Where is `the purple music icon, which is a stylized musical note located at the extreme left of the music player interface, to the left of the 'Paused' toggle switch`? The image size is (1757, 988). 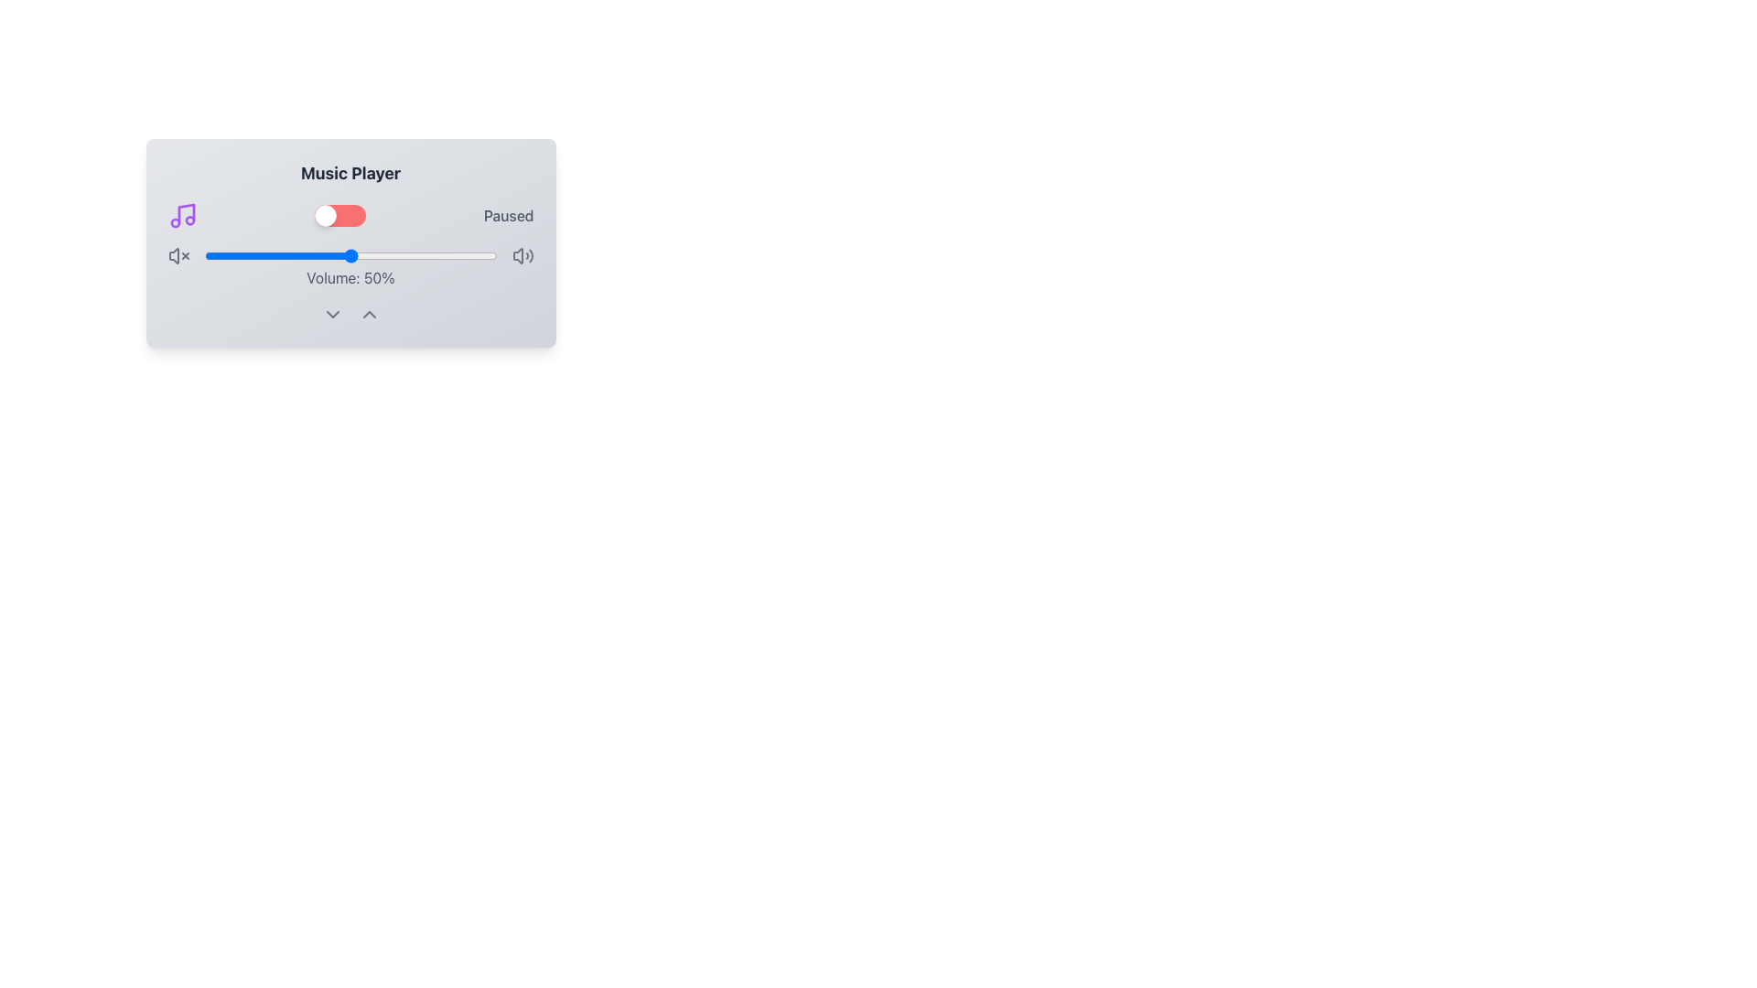 the purple music icon, which is a stylized musical note located at the extreme left of the music player interface, to the left of the 'Paused' toggle switch is located at coordinates (182, 214).